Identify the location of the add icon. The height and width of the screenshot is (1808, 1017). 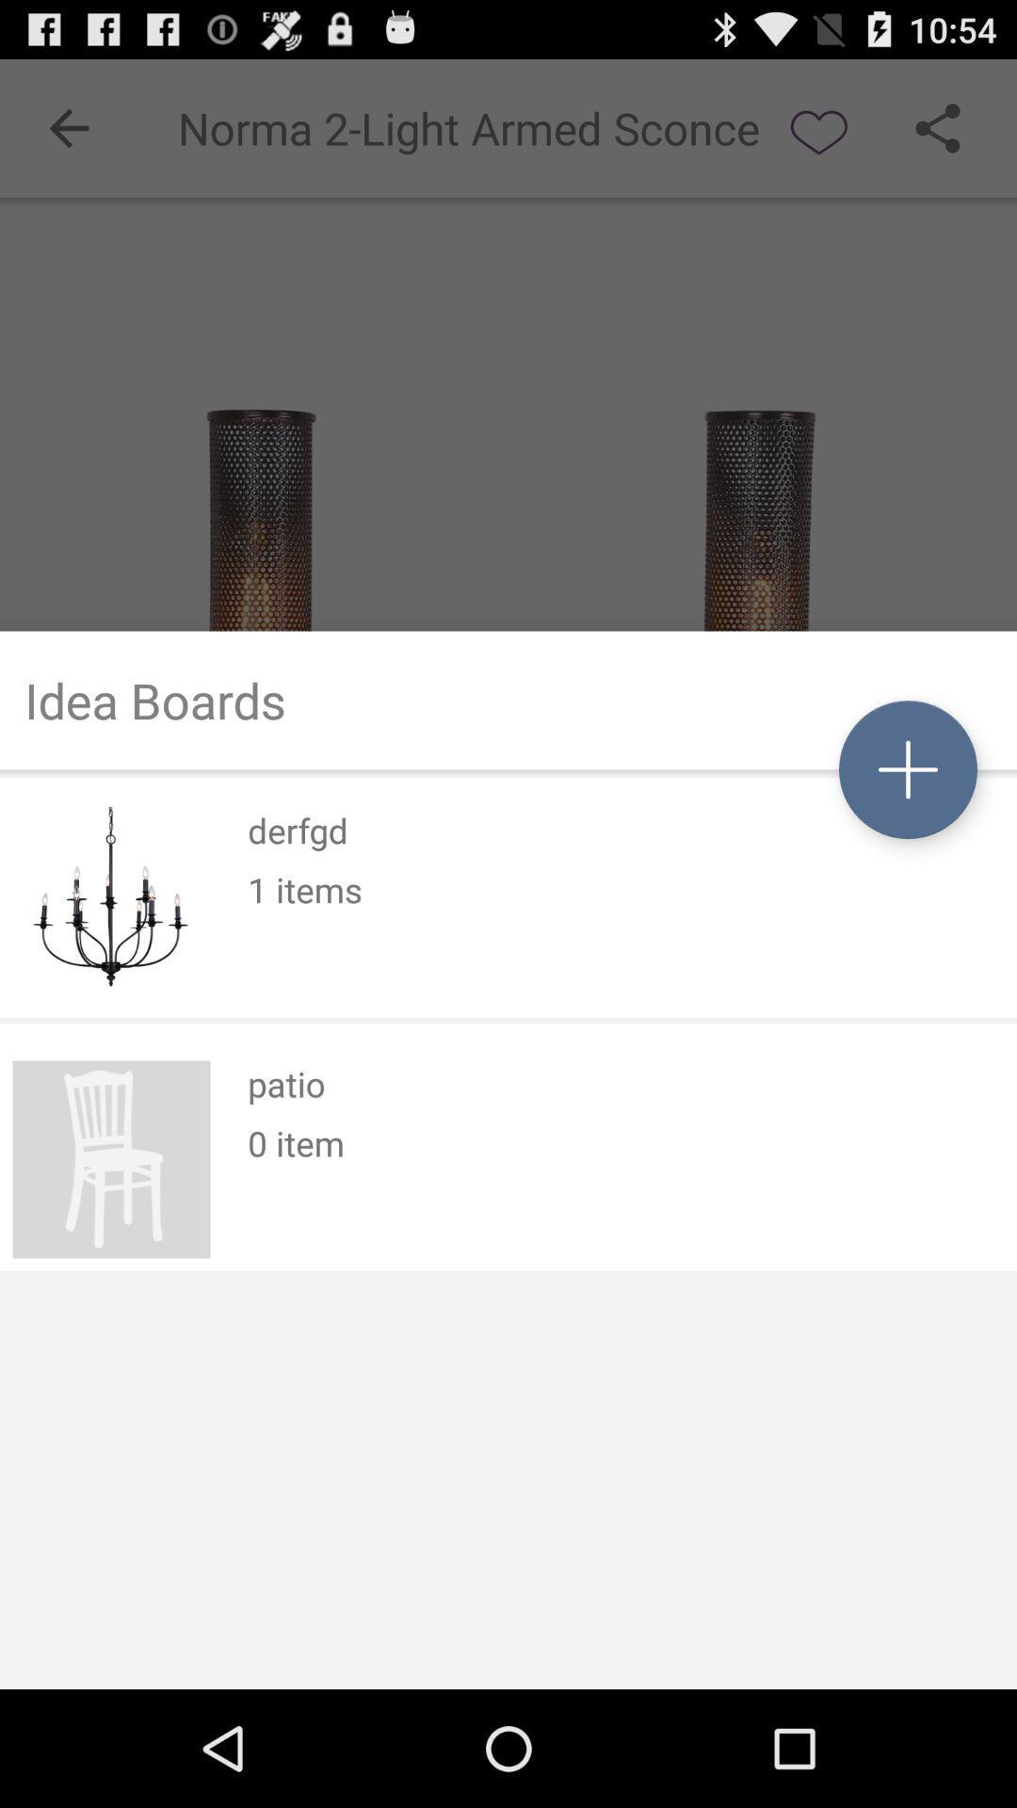
(907, 823).